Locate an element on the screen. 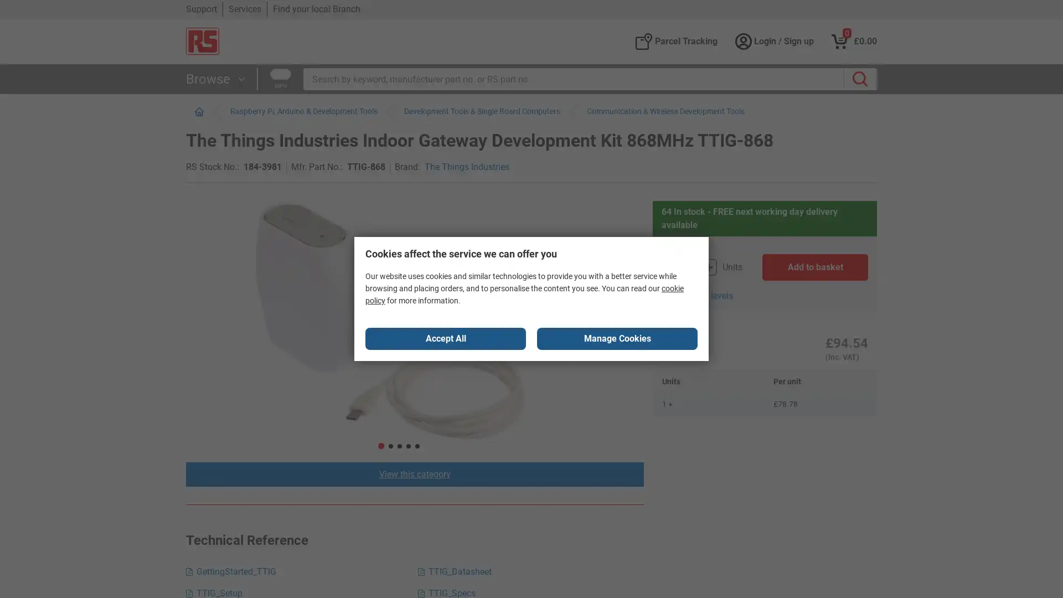 Image resolution: width=1063 pixels, height=598 pixels. Manage Cookies is located at coordinates (616, 338).